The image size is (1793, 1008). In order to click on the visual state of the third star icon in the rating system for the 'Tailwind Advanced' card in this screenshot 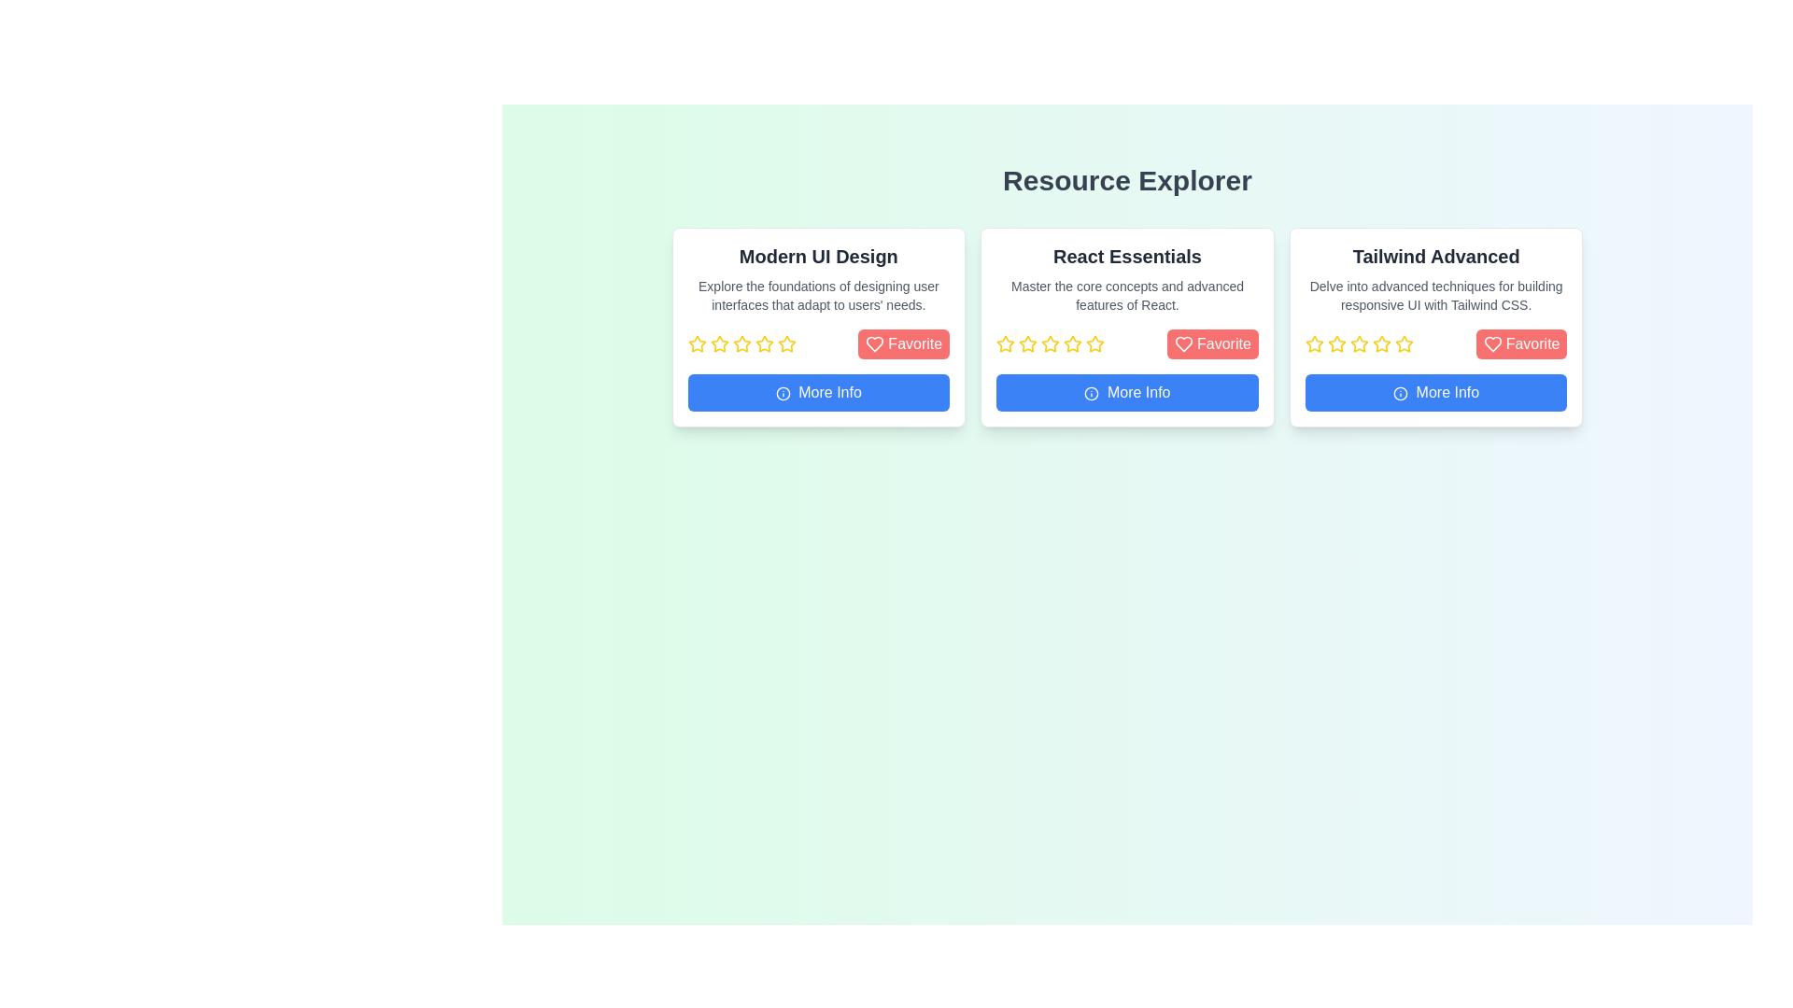, I will do `click(1359, 343)`.